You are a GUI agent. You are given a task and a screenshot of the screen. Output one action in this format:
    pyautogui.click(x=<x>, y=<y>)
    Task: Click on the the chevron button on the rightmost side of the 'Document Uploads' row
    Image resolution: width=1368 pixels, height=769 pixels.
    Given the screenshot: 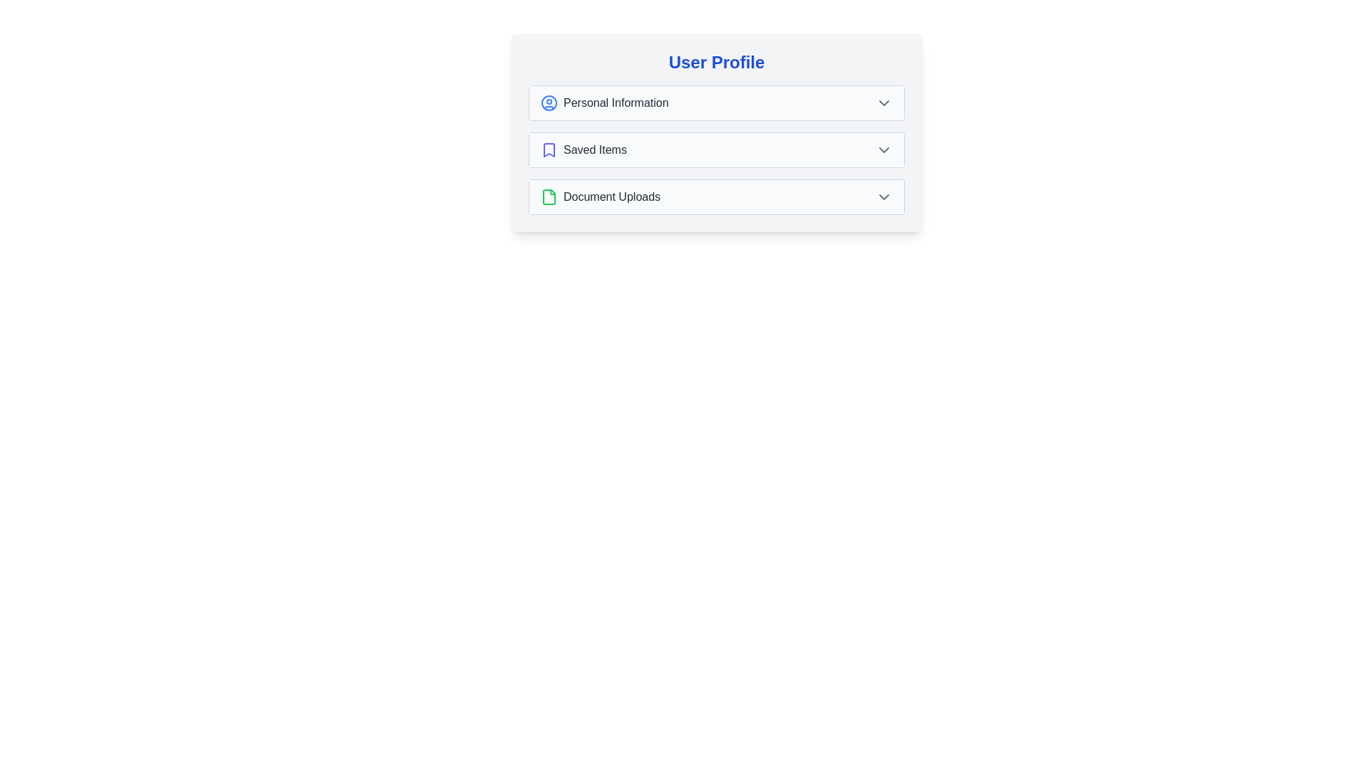 What is the action you would take?
    pyautogui.click(x=883, y=197)
    